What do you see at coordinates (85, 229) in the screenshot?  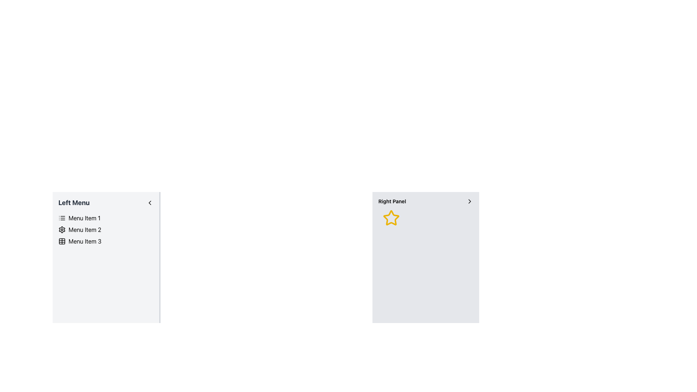 I see `the 'Menu Item 2' option in the vertical menu list` at bounding box center [85, 229].